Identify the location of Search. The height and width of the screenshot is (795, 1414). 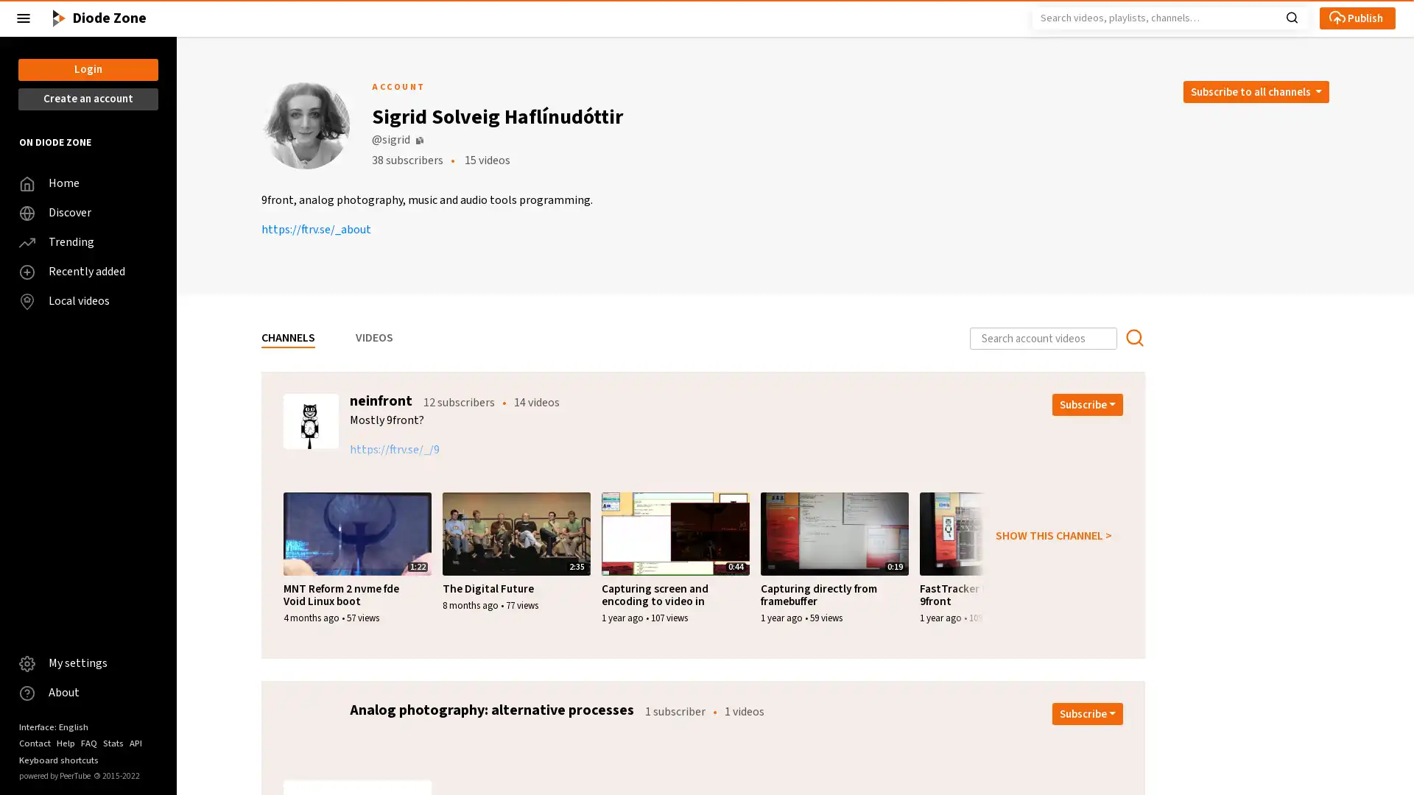
(1291, 16).